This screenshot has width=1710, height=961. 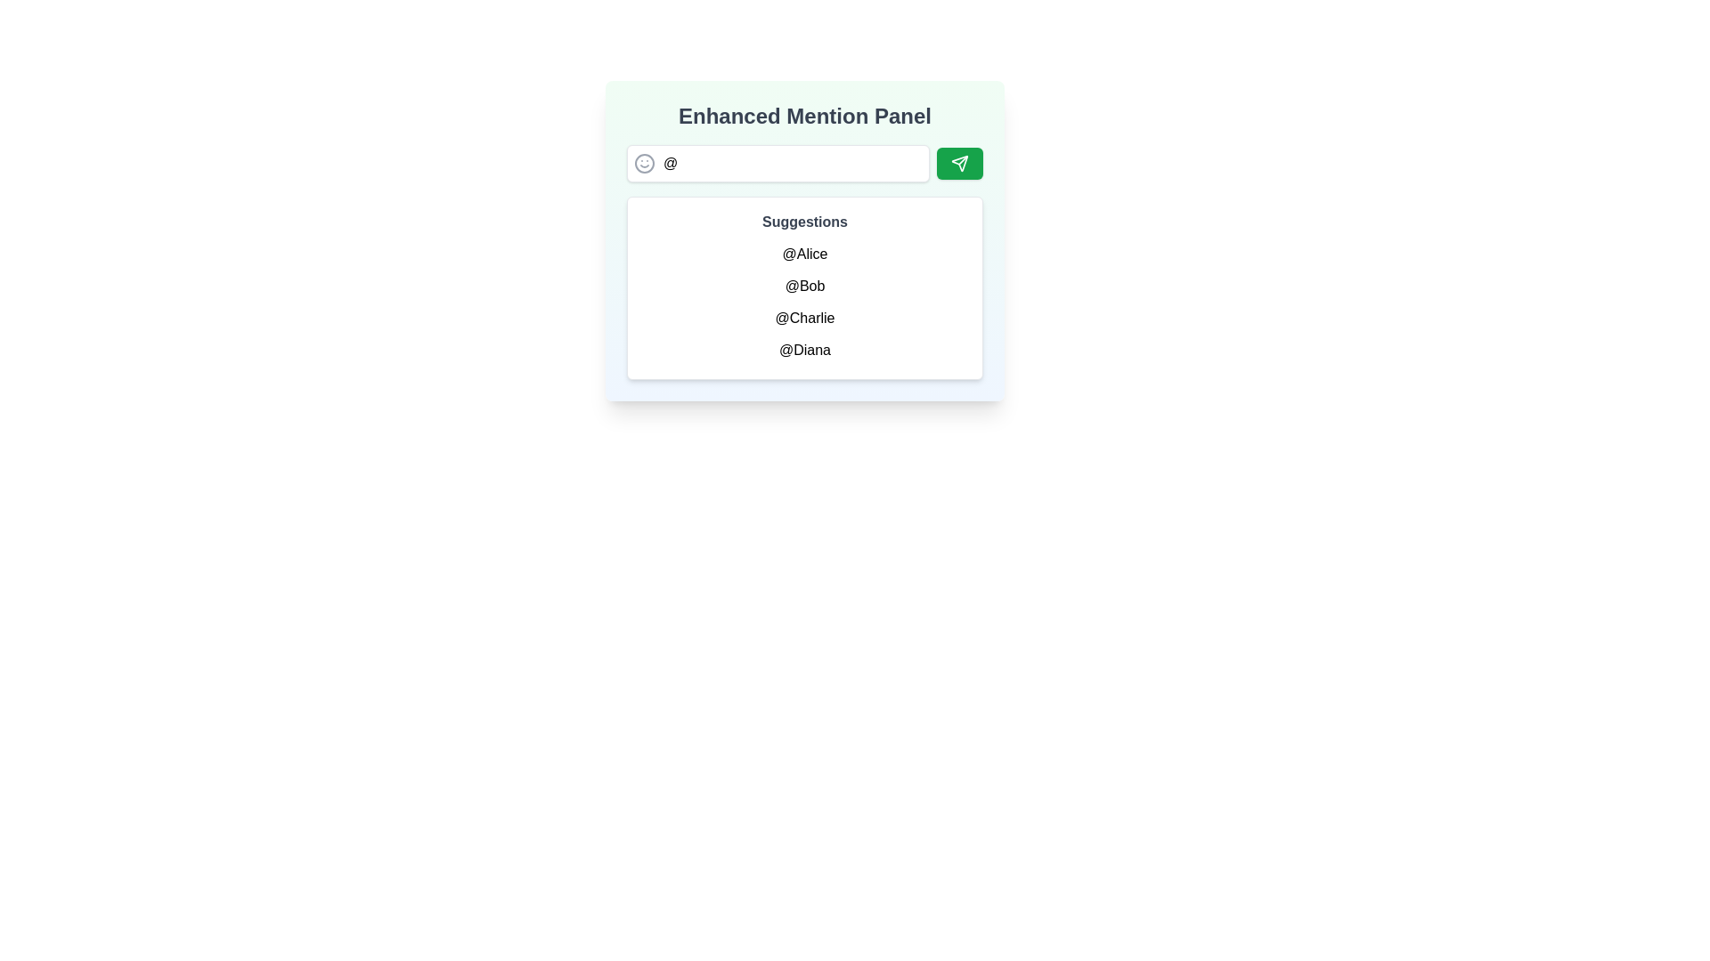 I want to click on the Text label that serves as the header for the suggestion list, located at the top of the panel, horizontally centered above clickable names, so click(x=803, y=222).